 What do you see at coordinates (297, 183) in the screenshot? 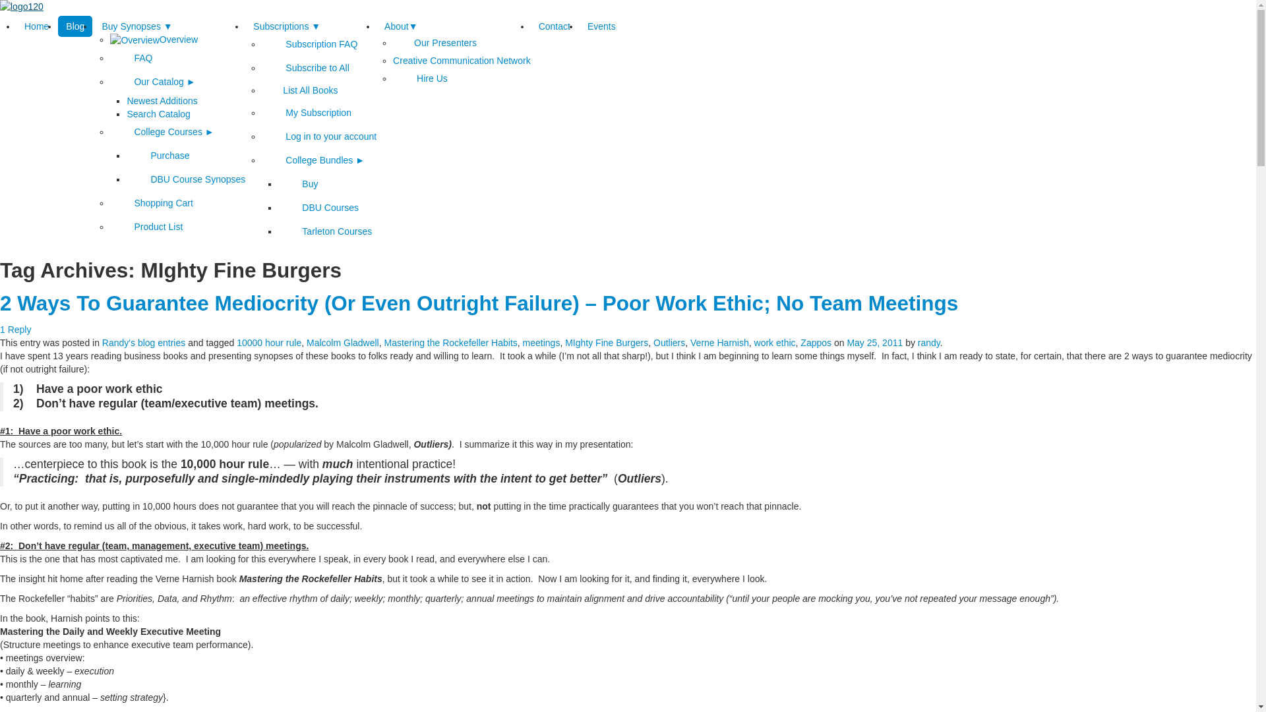
I see `'Buy'` at bounding box center [297, 183].